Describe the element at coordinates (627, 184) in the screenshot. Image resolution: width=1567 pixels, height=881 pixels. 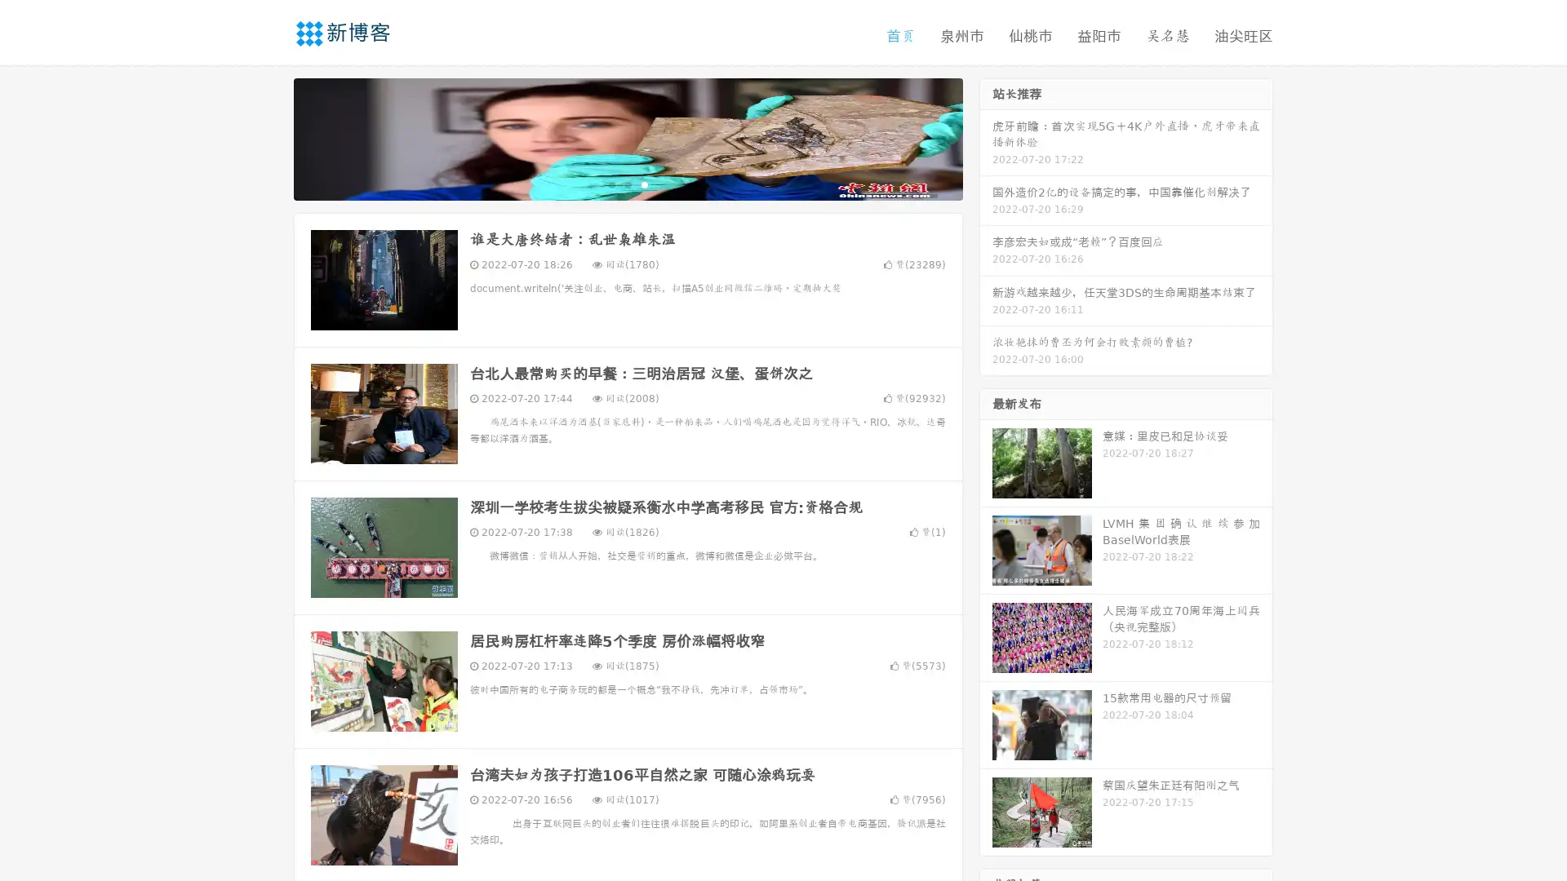
I see `Go to slide 2` at that location.